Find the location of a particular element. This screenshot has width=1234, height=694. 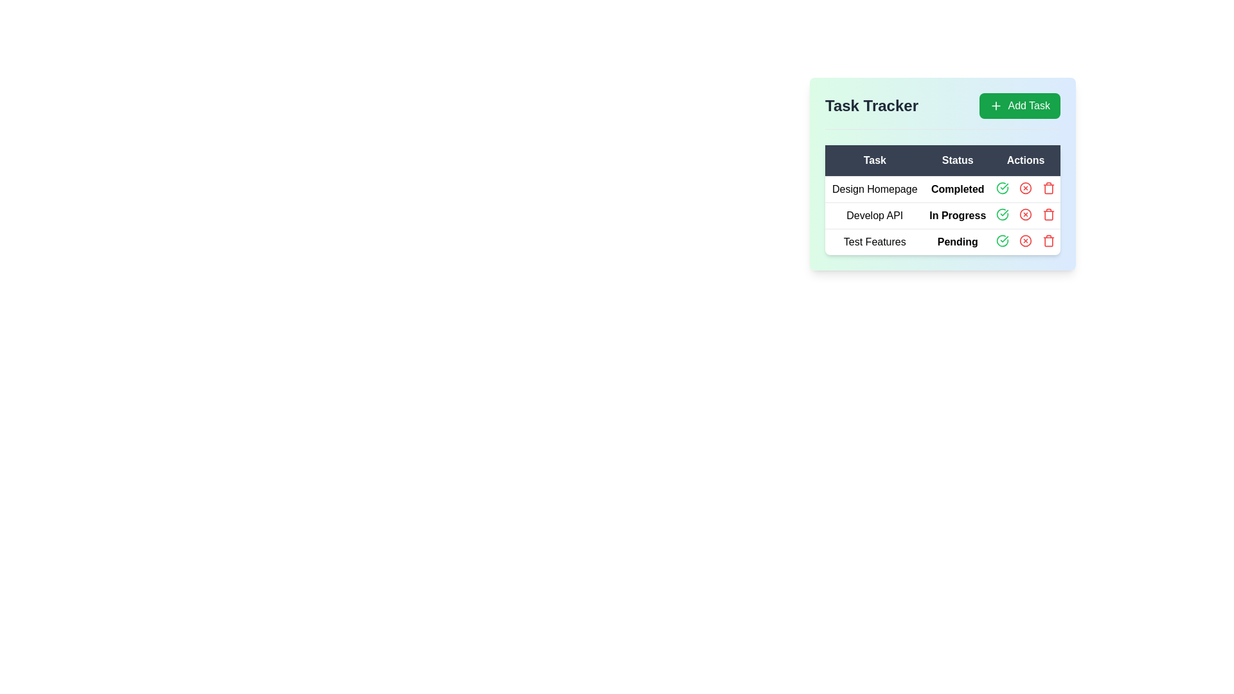

the 'In Progress' text label in the 'Status' column of the task tracker table for the 'Develop API' task is located at coordinates (958, 215).